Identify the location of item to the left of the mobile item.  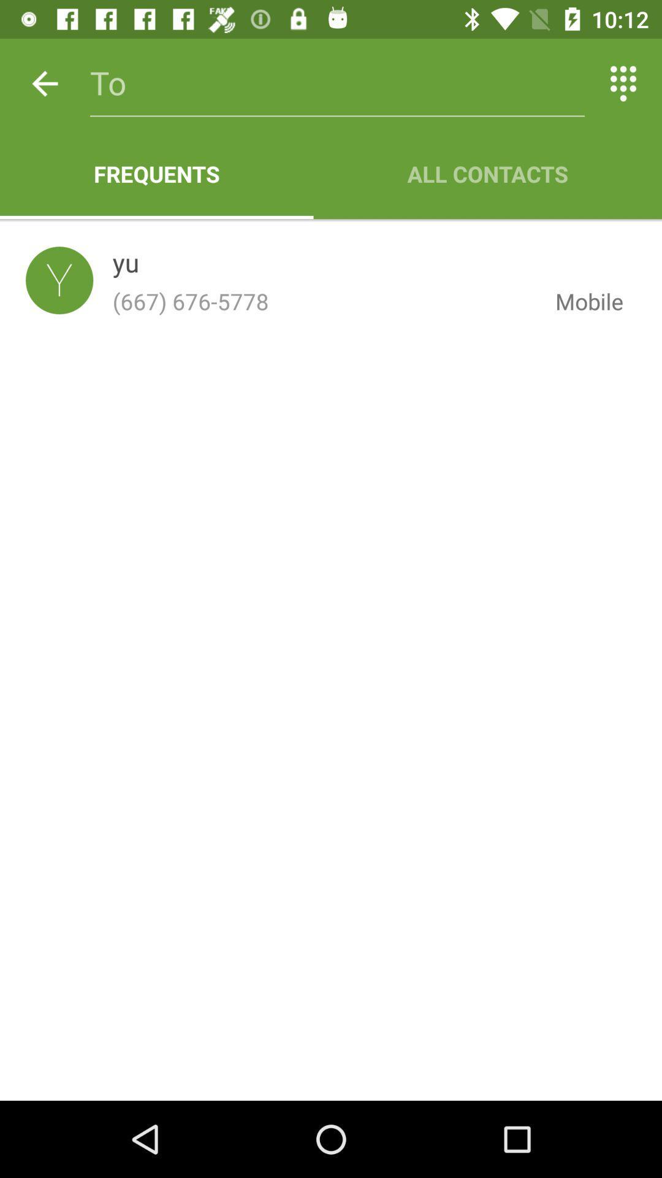
(324, 301).